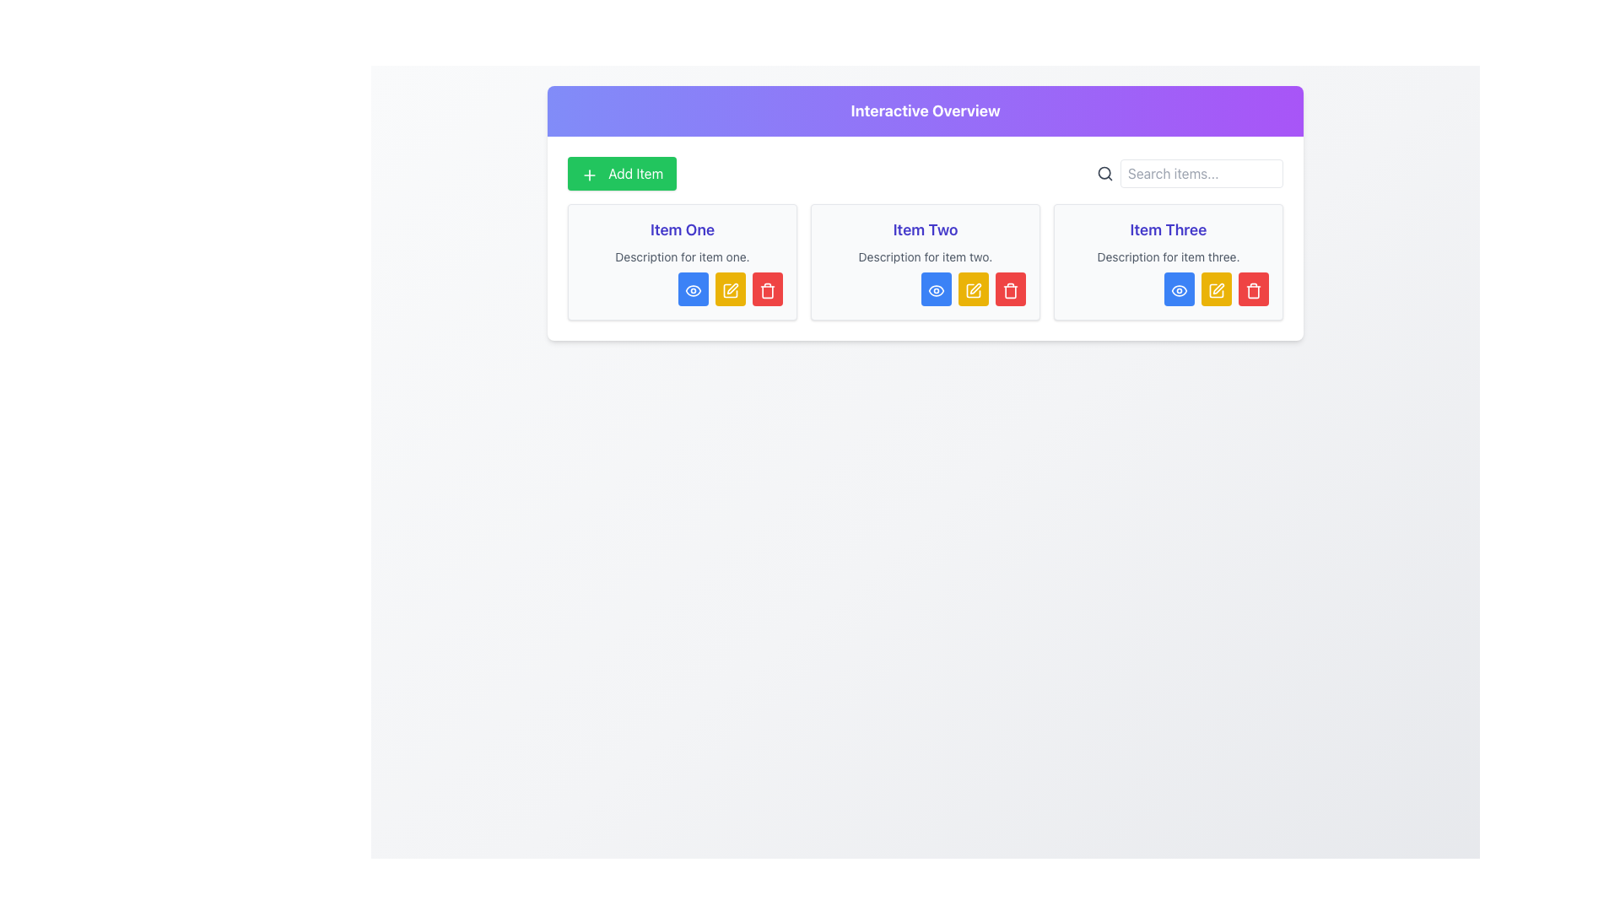 The image size is (1620, 911). What do you see at coordinates (1168, 262) in the screenshot?
I see `the blue button on the rightmost card in the 'Interactive Overview' section` at bounding box center [1168, 262].